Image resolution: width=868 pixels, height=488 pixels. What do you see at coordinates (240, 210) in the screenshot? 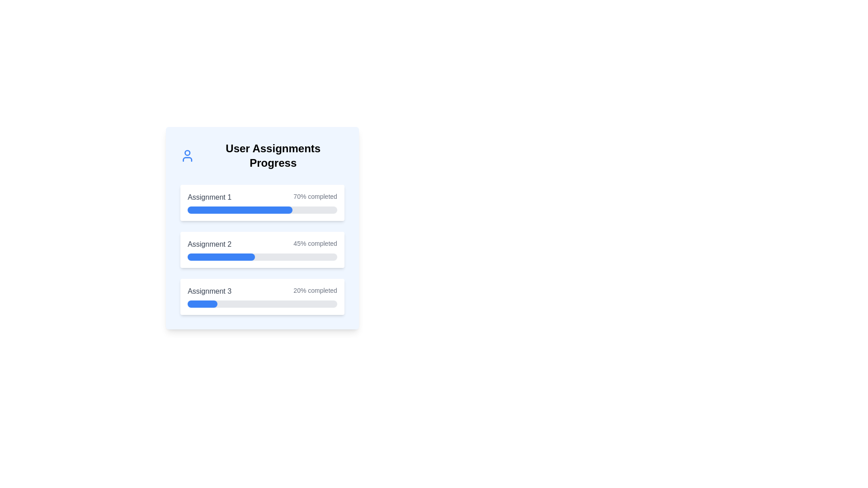
I see `the progress bar representing 'Assignment 1', which indicates 70% completion of the task` at bounding box center [240, 210].